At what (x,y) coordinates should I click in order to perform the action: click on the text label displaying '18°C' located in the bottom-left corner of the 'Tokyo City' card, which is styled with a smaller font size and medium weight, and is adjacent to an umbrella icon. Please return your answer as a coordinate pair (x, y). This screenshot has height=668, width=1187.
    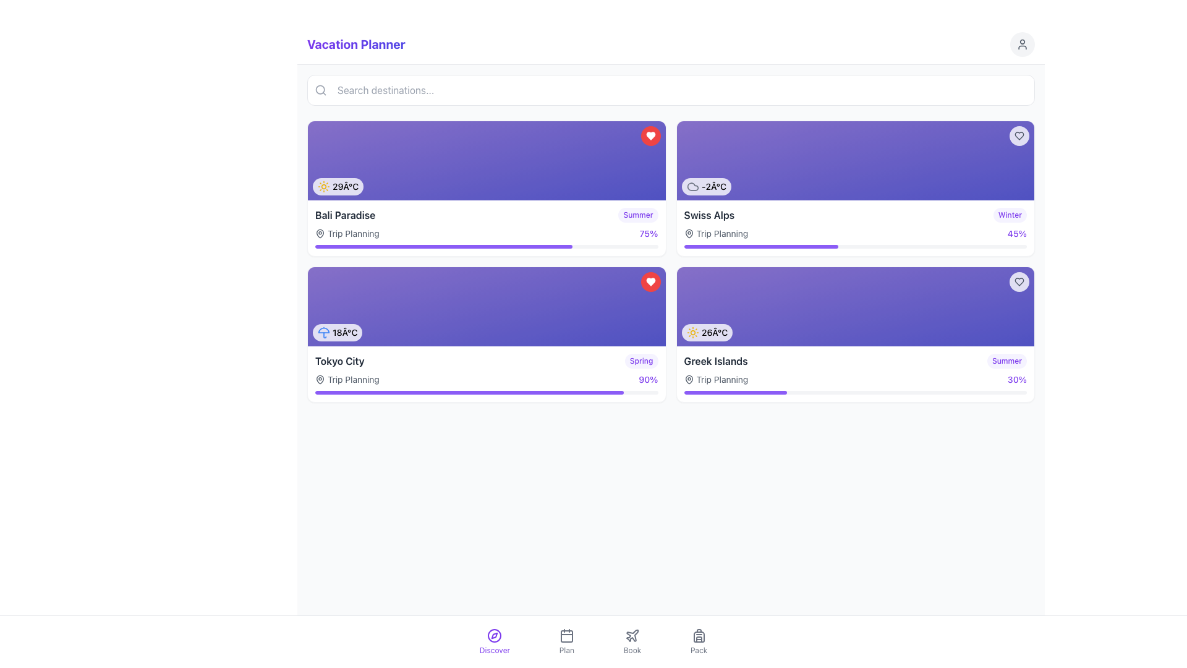
    Looking at the image, I should click on (345, 332).